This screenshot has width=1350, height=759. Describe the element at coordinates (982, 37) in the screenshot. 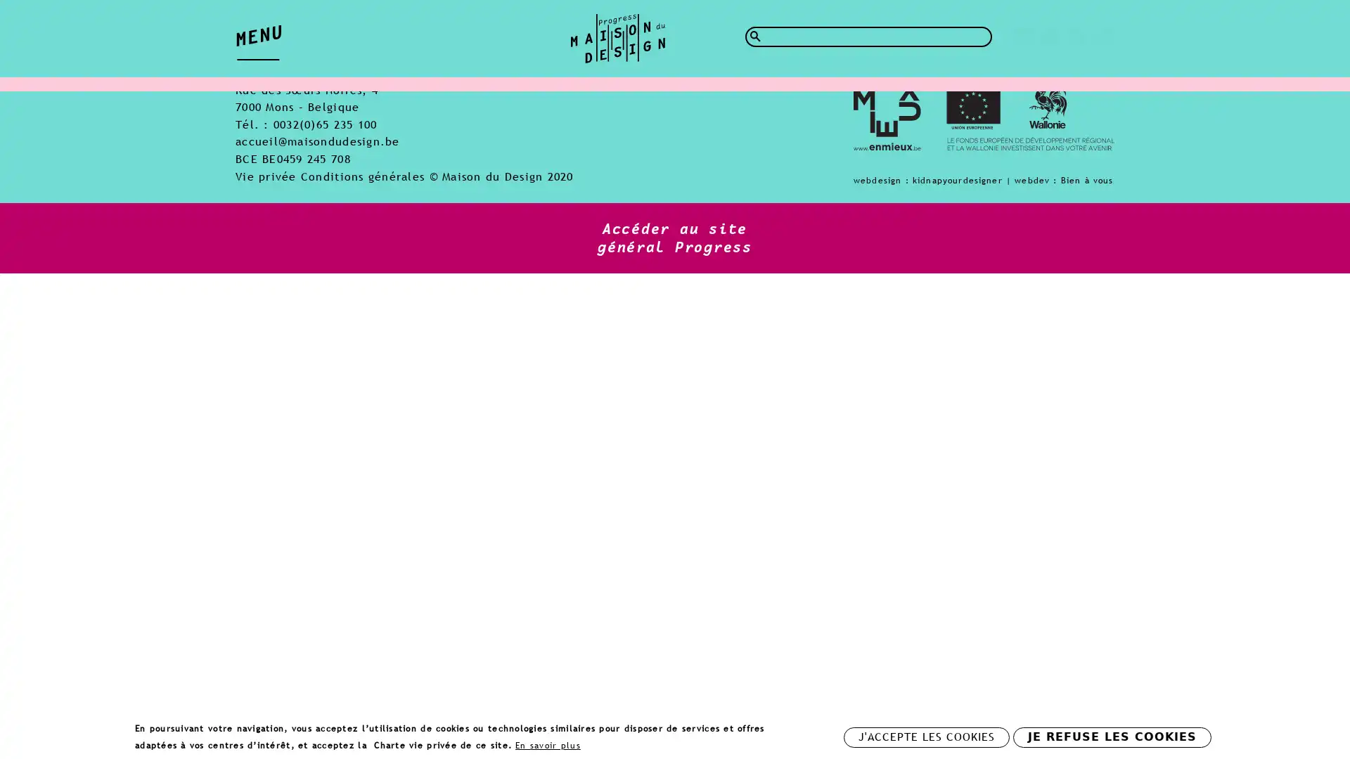

I see `Rechercher` at that location.